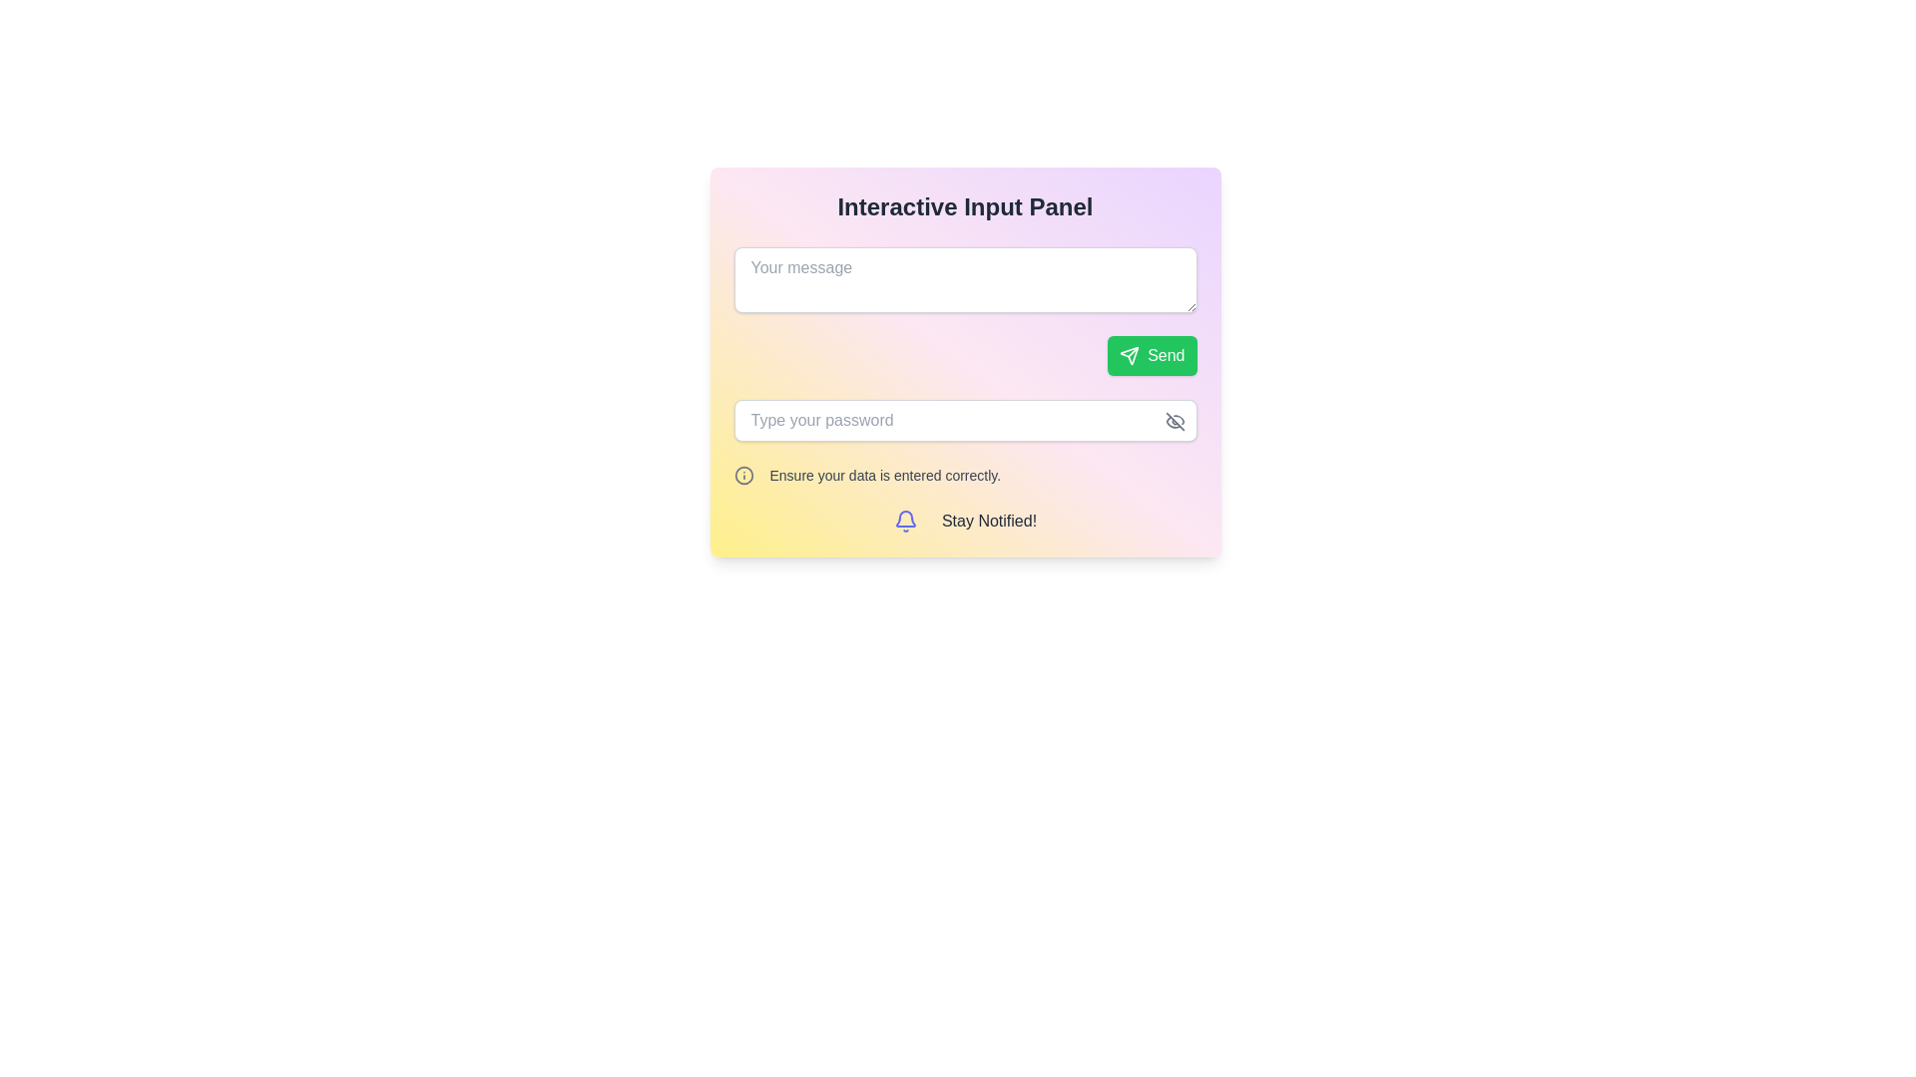 Image resolution: width=1916 pixels, height=1077 pixels. I want to click on the 'Stay Notified!' label, which features a bold, dark gray font and an indigo bell icon, located at the bottom of the 'Interactive Input Panel', so click(965, 521).